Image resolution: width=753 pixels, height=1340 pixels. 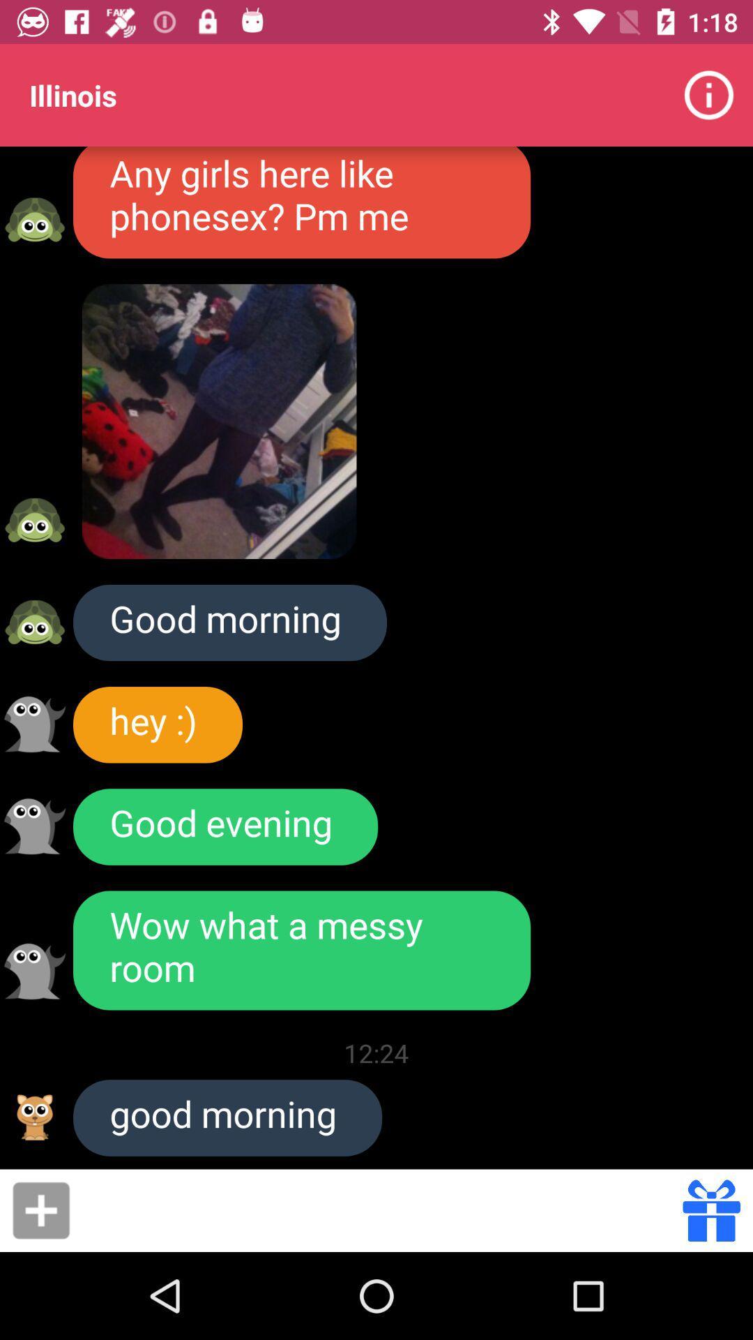 What do you see at coordinates (34, 724) in the screenshot?
I see `user profile` at bounding box center [34, 724].